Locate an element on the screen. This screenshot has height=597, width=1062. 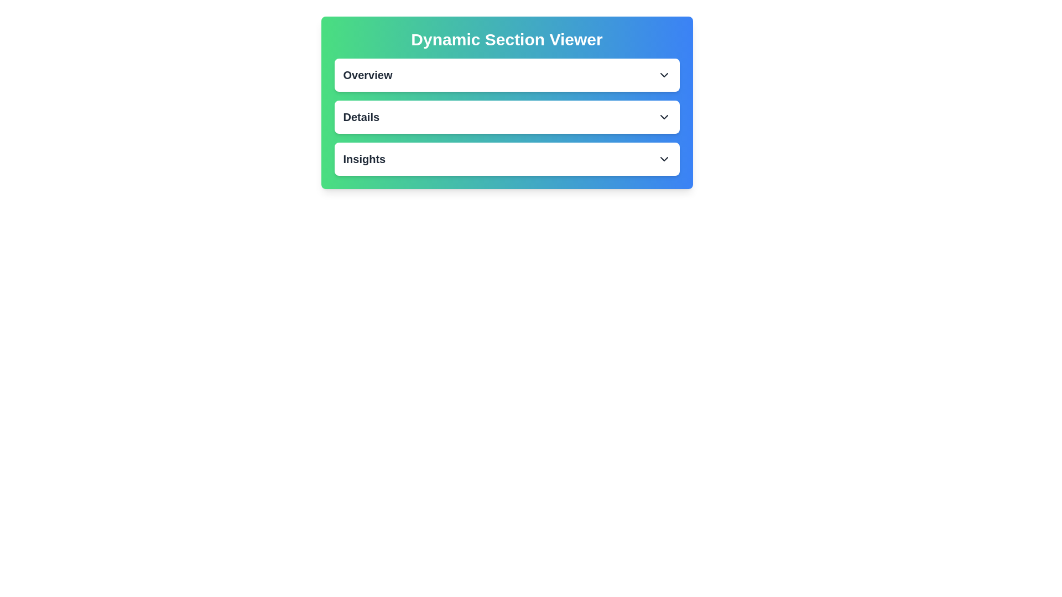
the first button in the group that expands or collapses the 'Overview' section is located at coordinates (506, 75).